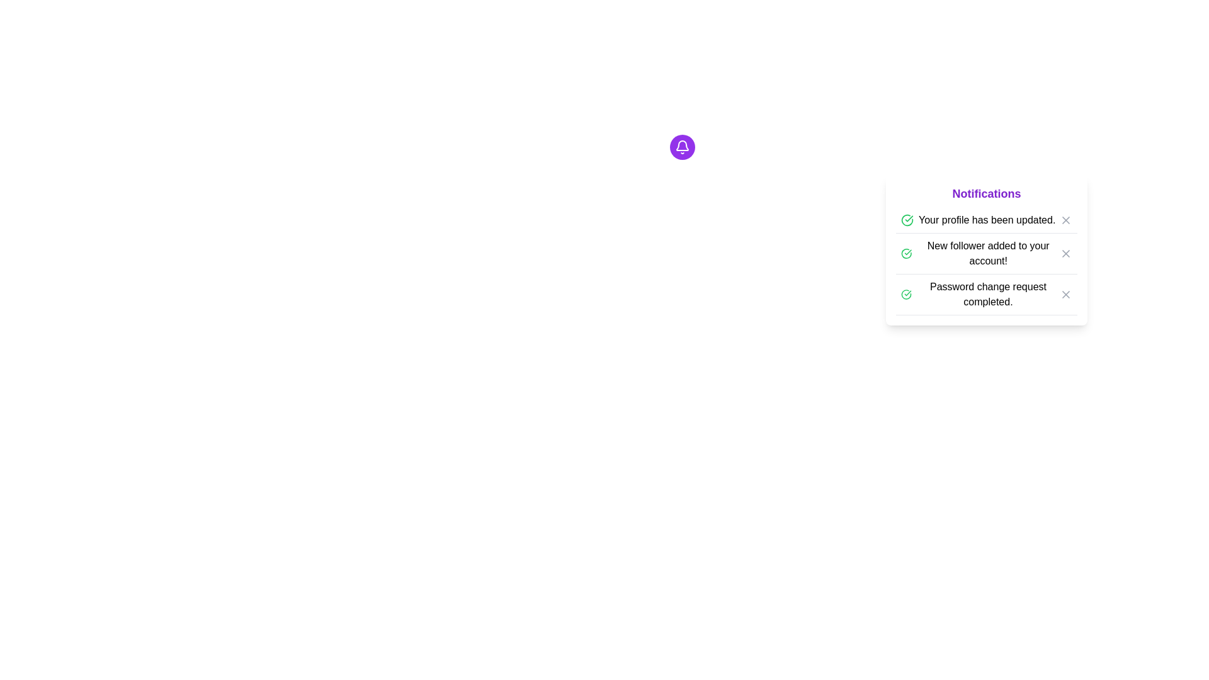 The width and height of the screenshot is (1209, 680). Describe the element at coordinates (1065, 220) in the screenshot. I see `the close button located at the top-right corner of the notification card` at that location.